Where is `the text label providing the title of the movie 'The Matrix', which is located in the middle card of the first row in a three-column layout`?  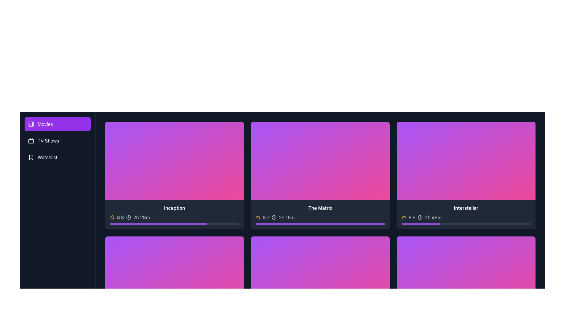
the text label providing the title of the movie 'The Matrix', which is located in the middle card of the first row in a three-column layout is located at coordinates (320, 208).